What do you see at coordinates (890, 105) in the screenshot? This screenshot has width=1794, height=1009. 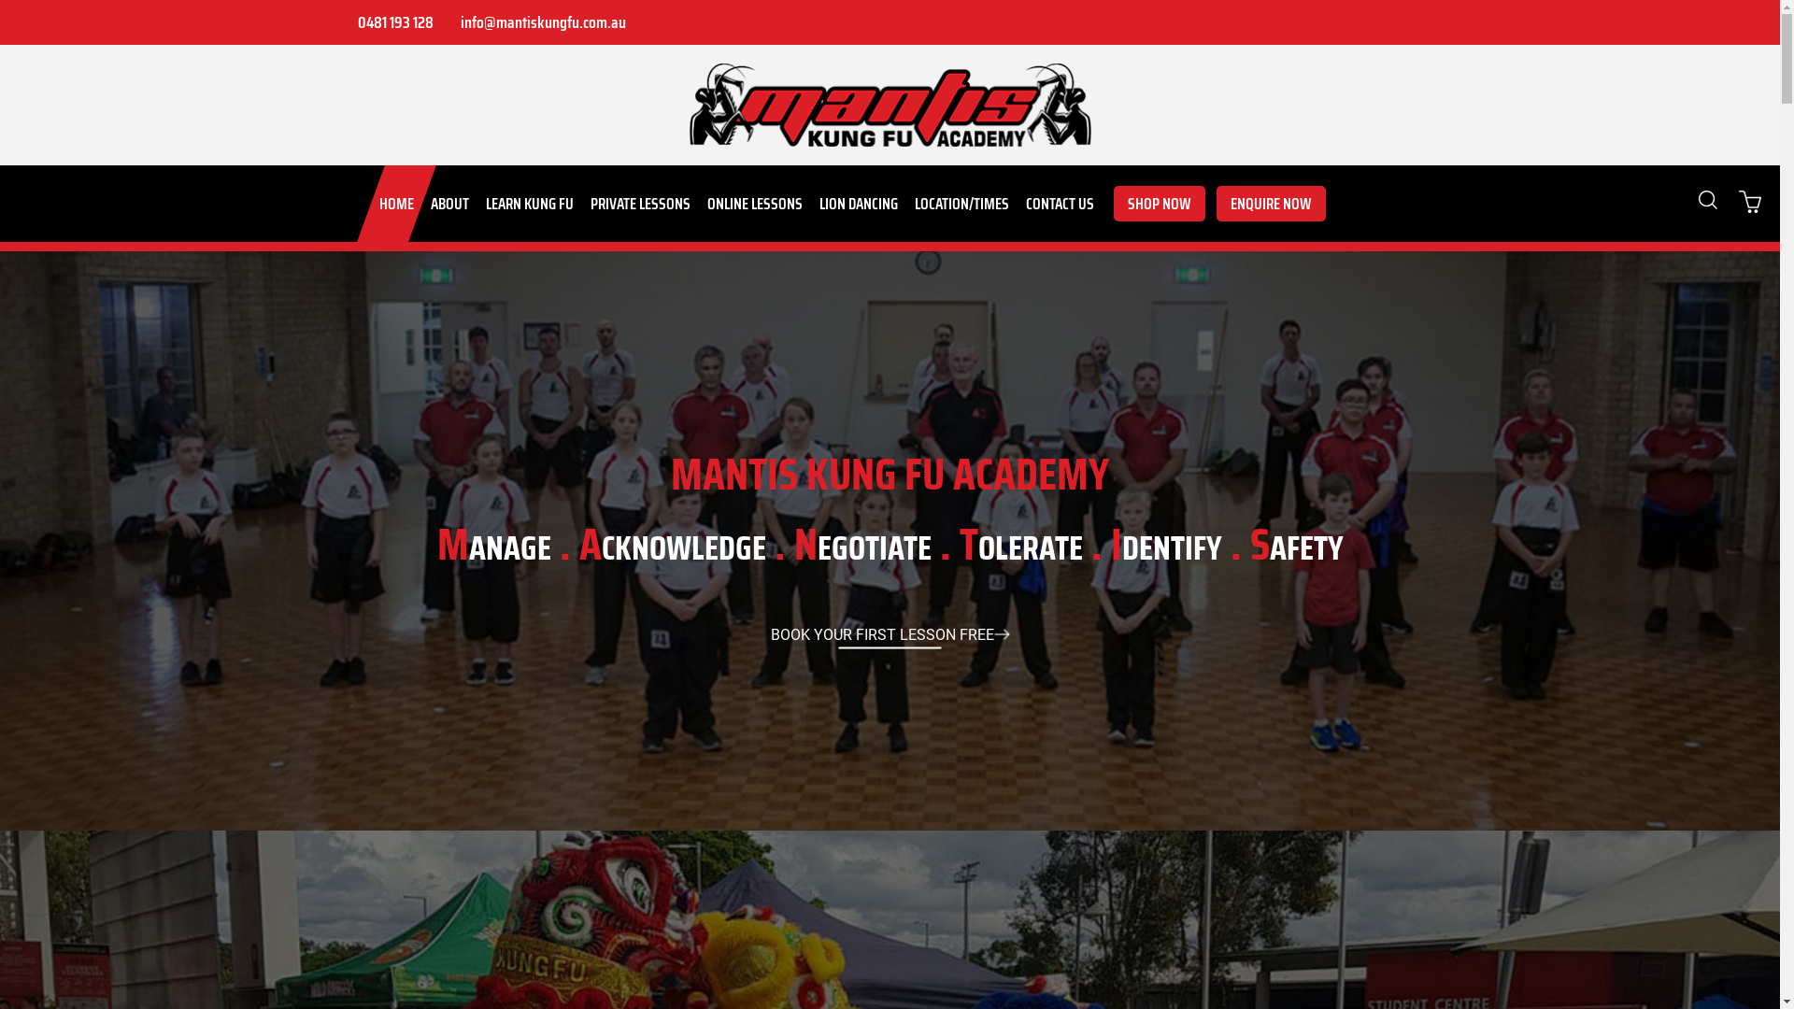 I see `'Mantis Kung Fu Academy'` at bounding box center [890, 105].